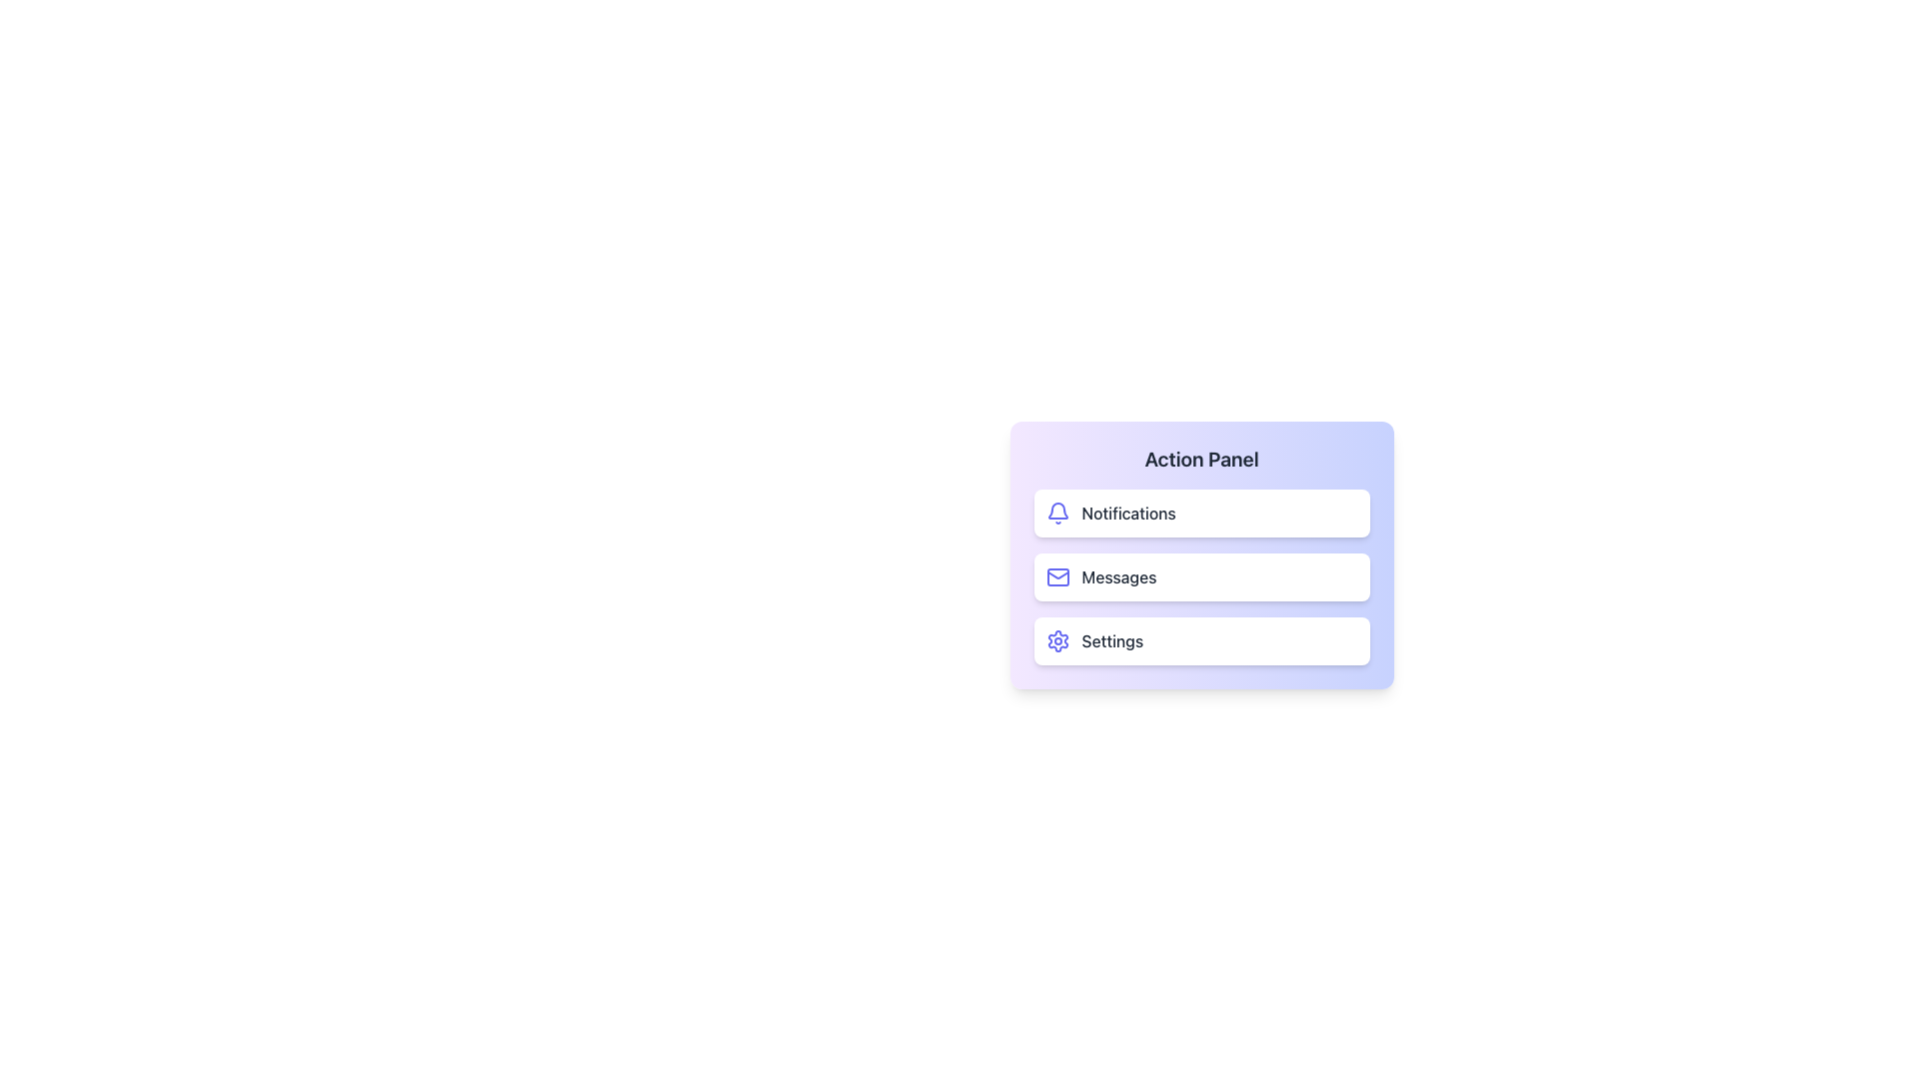  Describe the element at coordinates (1200, 554) in the screenshot. I see `the 'Messages' button located in the middle of the 'Action Panel'` at that location.